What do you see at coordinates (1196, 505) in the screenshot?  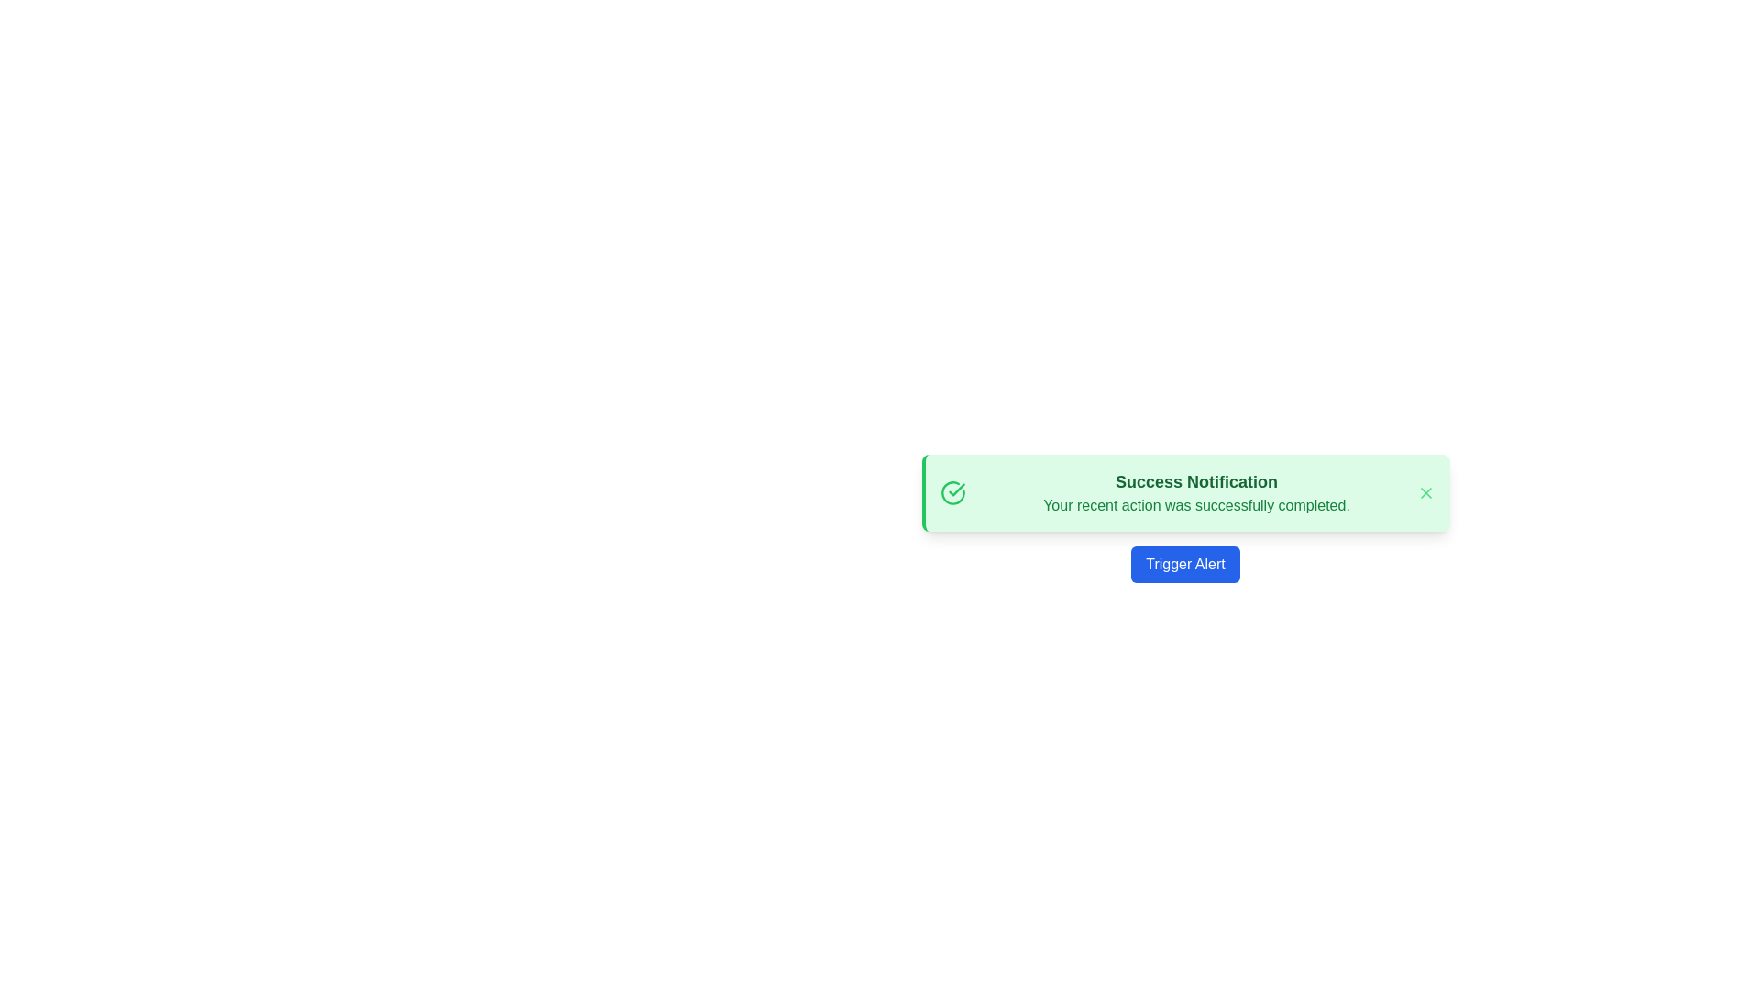 I see `confirmation message displayed in the text label located directly below the title 'Success Notification' in the notification box` at bounding box center [1196, 505].